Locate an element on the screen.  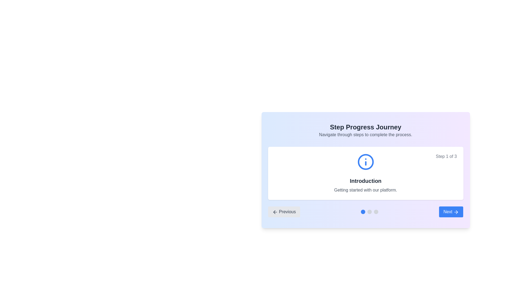
the 'Previous' button represented by the SVG arrow icon is located at coordinates (275, 212).